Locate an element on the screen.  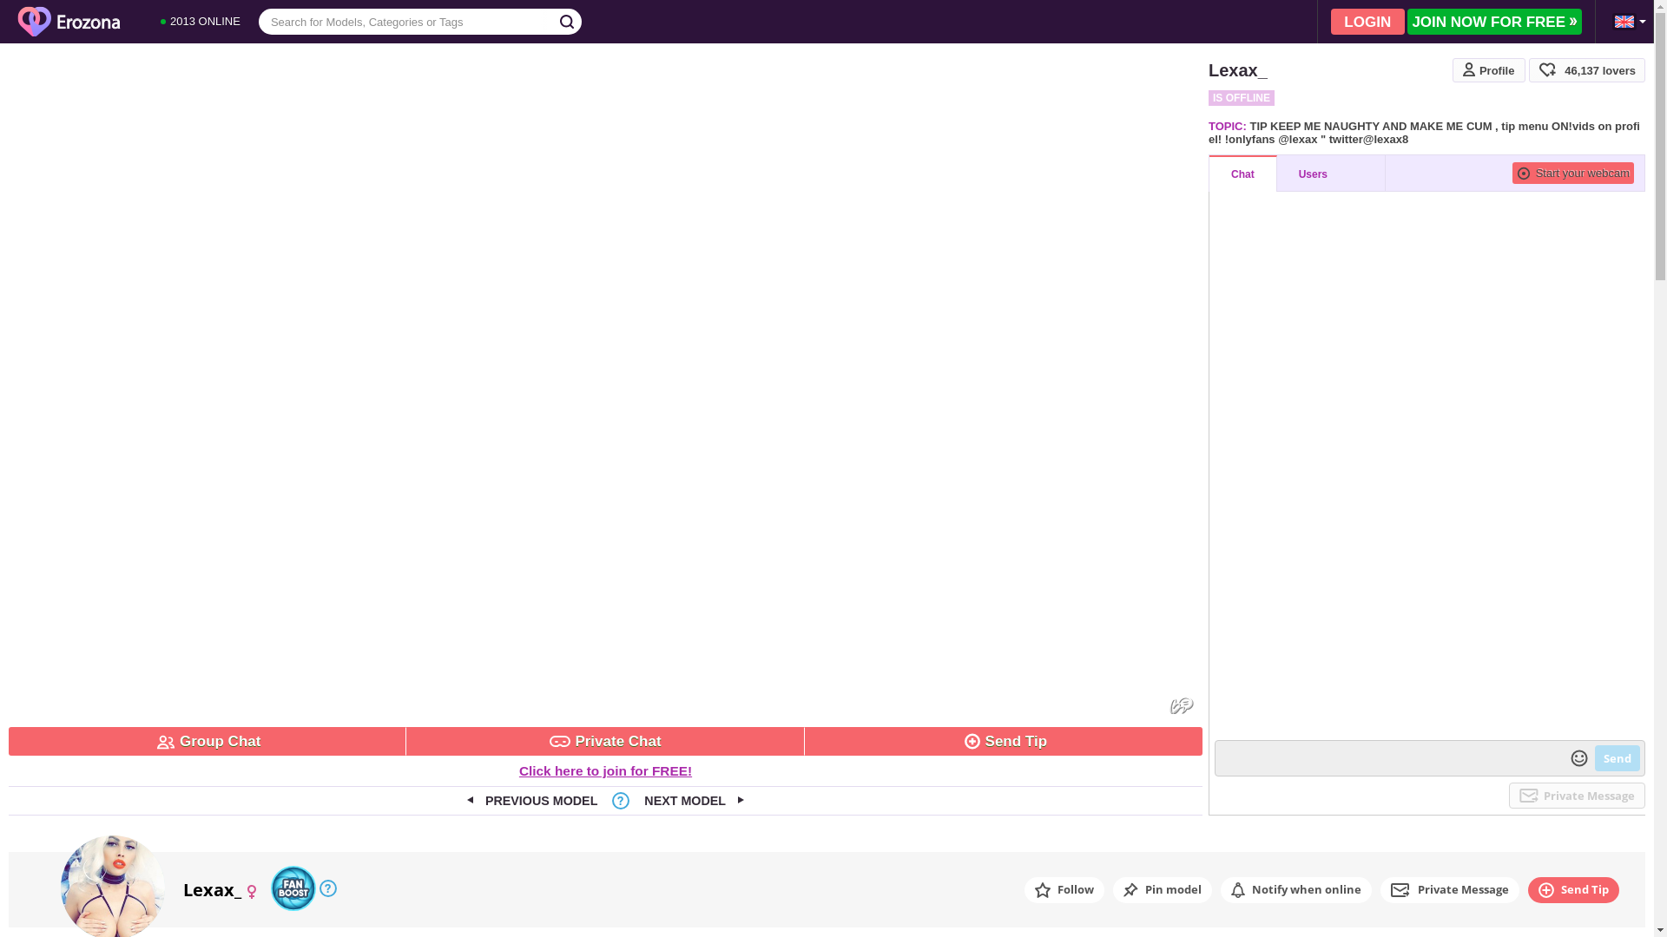
'Send Tip' is located at coordinates (803, 741).